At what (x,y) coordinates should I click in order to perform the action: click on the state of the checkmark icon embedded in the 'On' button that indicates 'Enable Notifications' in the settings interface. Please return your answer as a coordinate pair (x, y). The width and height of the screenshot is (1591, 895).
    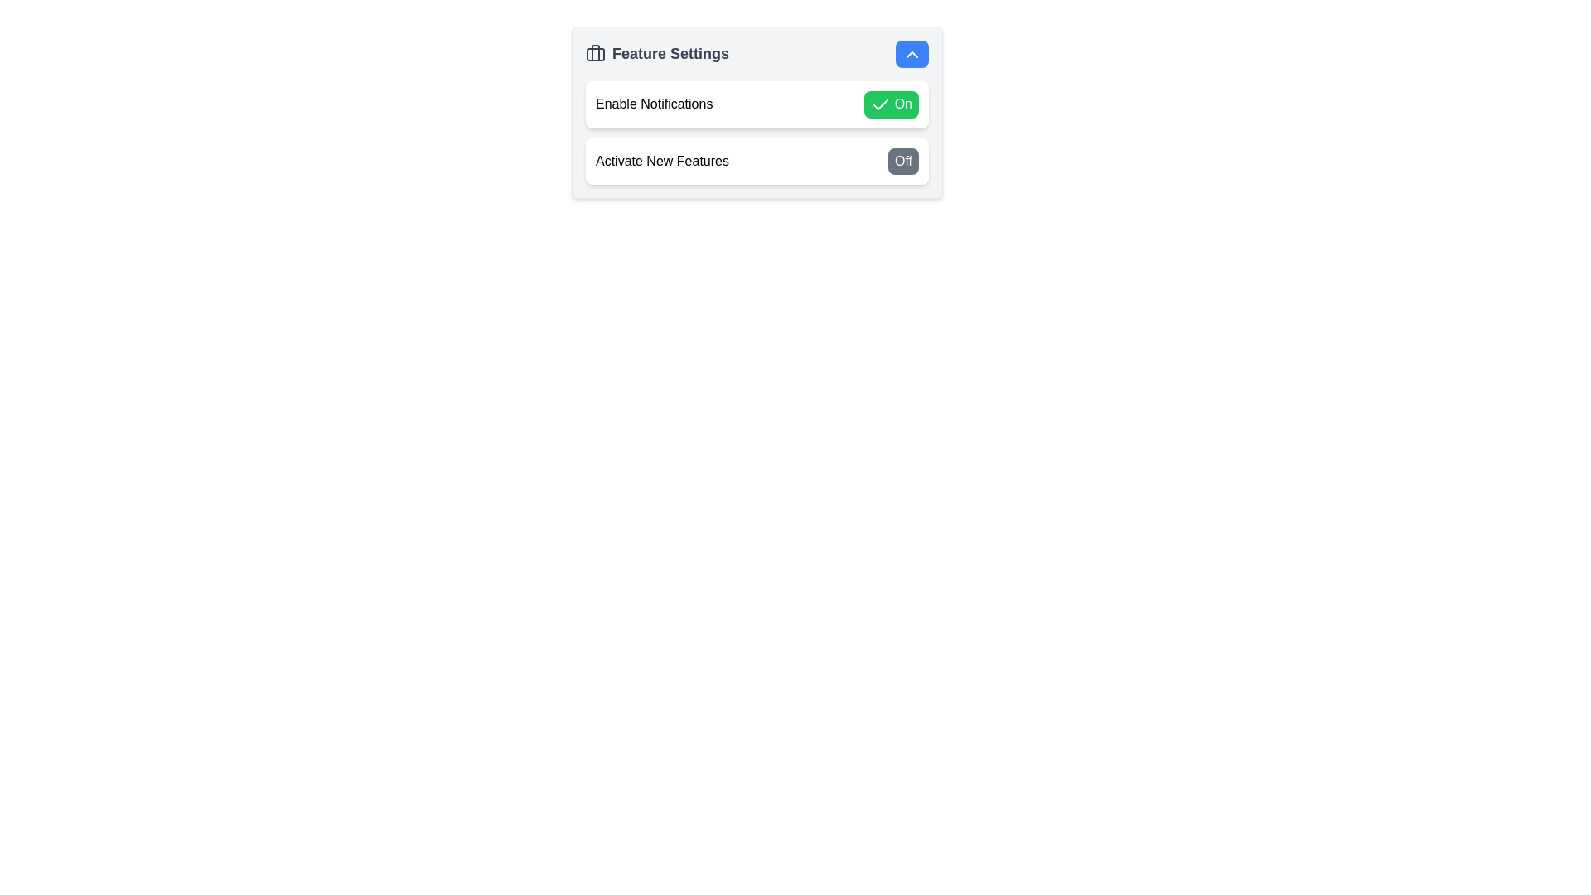
    Looking at the image, I should click on (880, 104).